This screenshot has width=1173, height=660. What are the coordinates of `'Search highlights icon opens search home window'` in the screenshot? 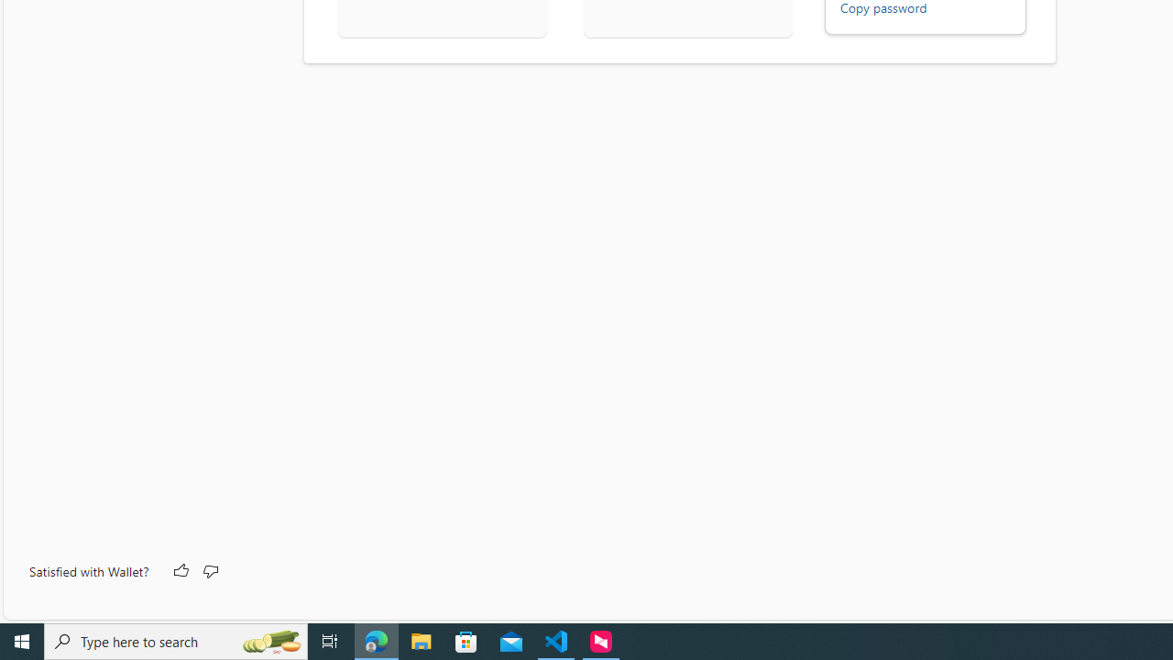 It's located at (269, 640).